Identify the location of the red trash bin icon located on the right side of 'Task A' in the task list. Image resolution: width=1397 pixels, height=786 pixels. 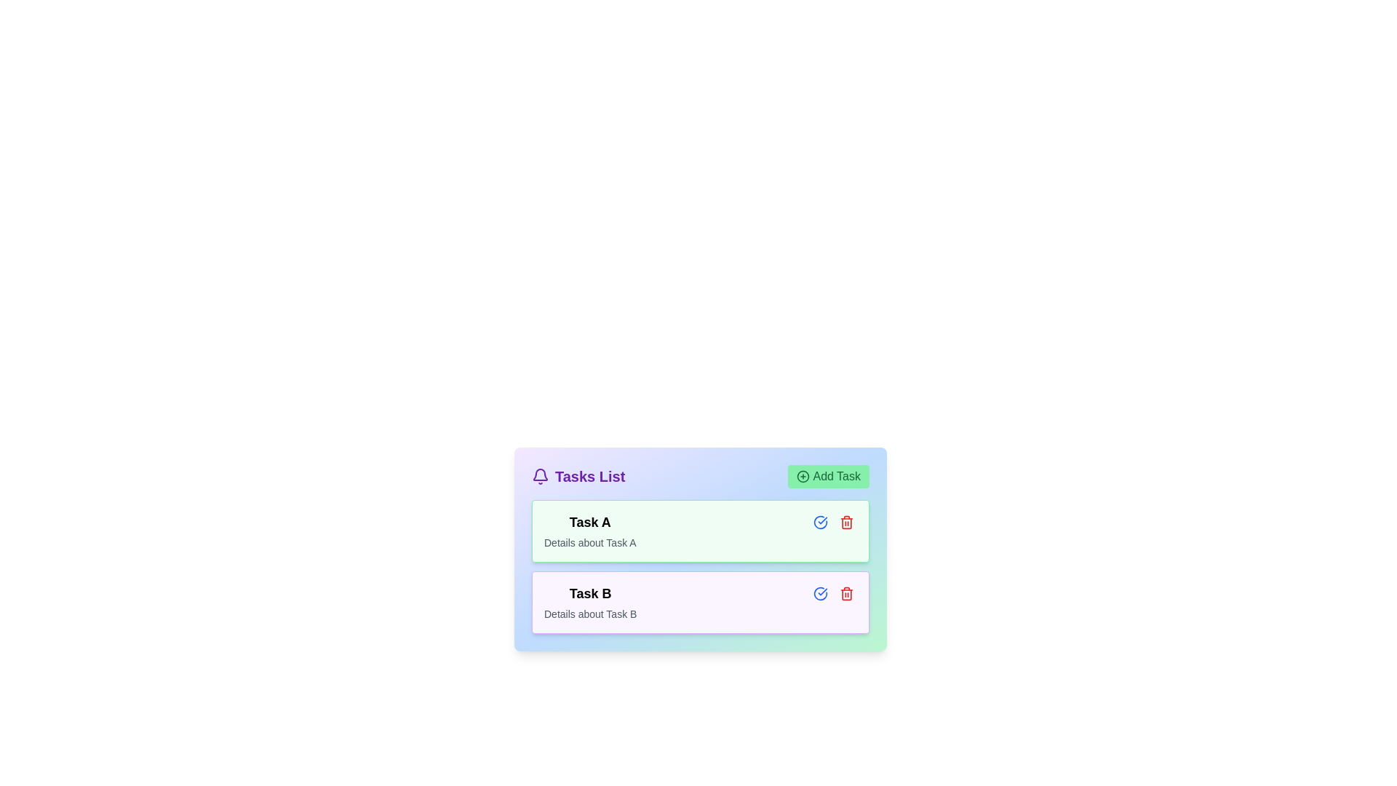
(846, 521).